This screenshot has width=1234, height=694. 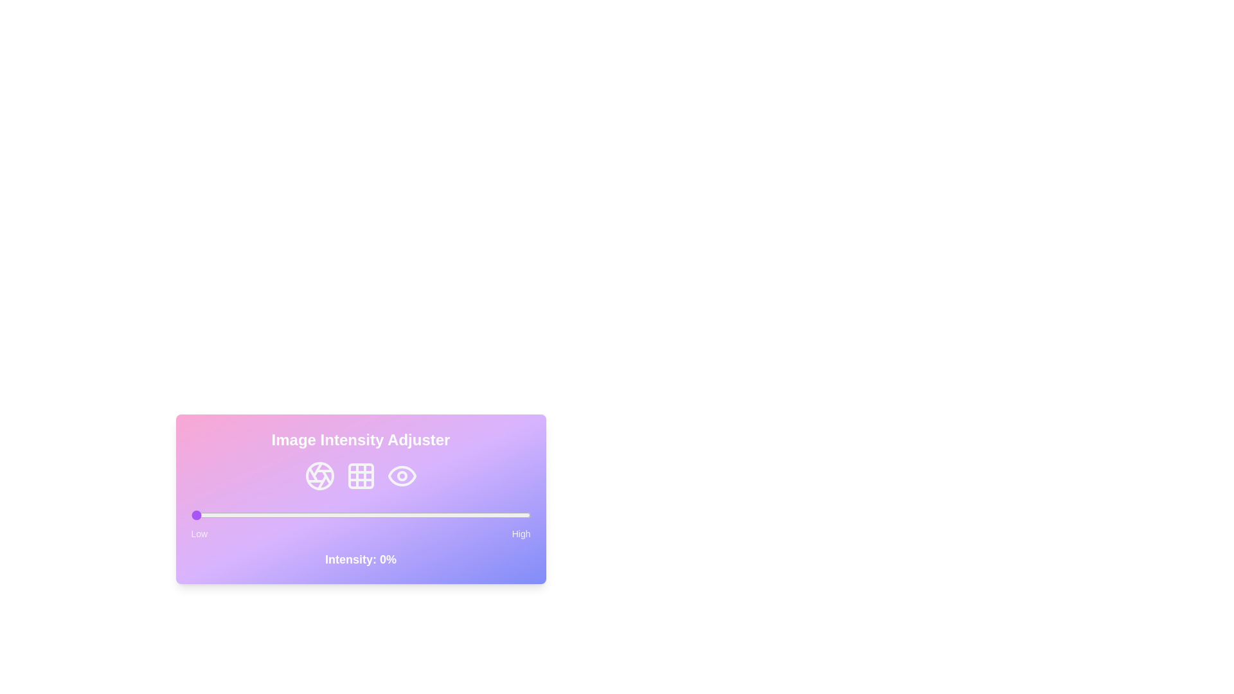 What do you see at coordinates (401, 476) in the screenshot?
I see `the Eye icon to interact with it` at bounding box center [401, 476].